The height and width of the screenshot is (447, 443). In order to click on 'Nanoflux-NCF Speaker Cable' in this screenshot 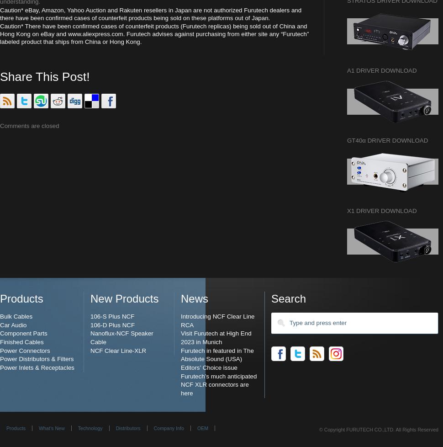, I will do `click(121, 337)`.